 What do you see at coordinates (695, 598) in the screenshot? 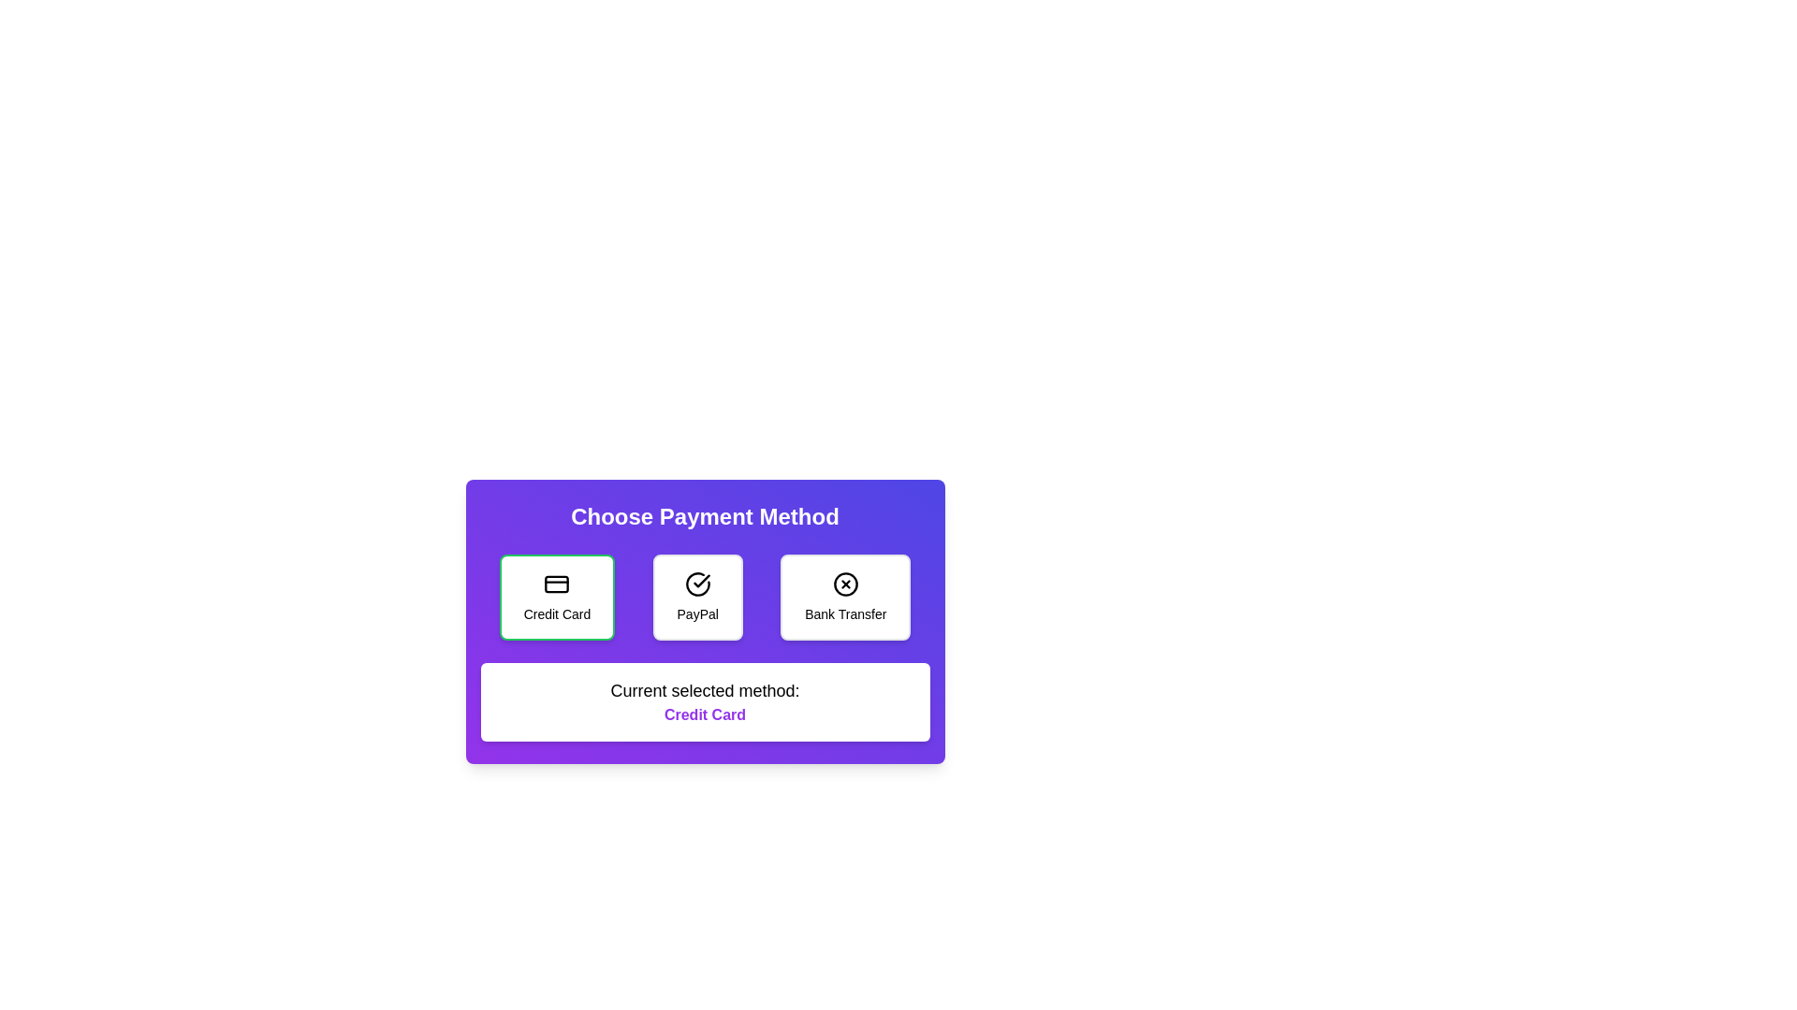
I see `the button corresponding to the payment method PayPal` at bounding box center [695, 598].